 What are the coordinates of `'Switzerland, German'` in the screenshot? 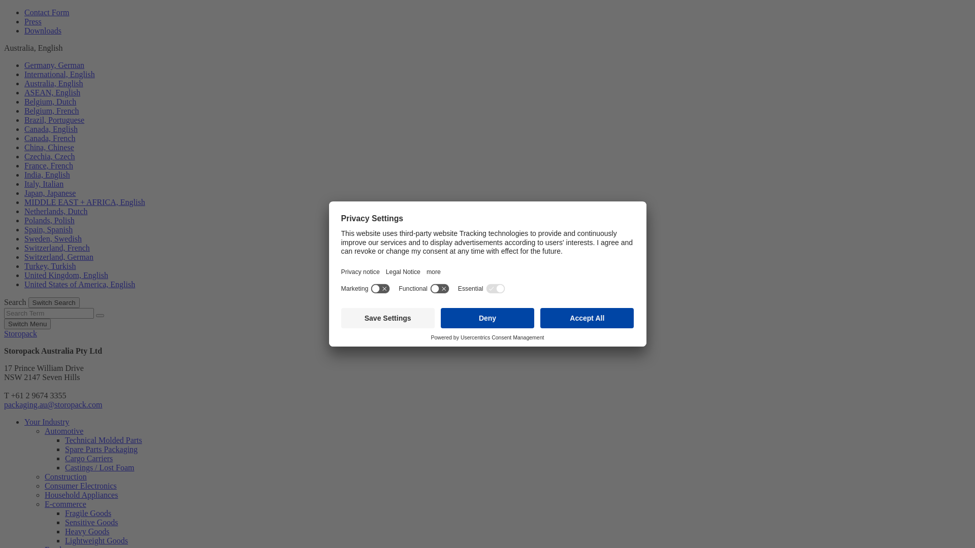 It's located at (24, 256).